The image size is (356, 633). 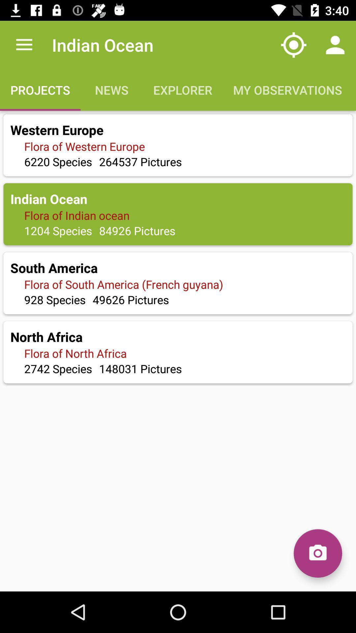 What do you see at coordinates (24, 45) in the screenshot?
I see `app to the left of the indian ocean item` at bounding box center [24, 45].